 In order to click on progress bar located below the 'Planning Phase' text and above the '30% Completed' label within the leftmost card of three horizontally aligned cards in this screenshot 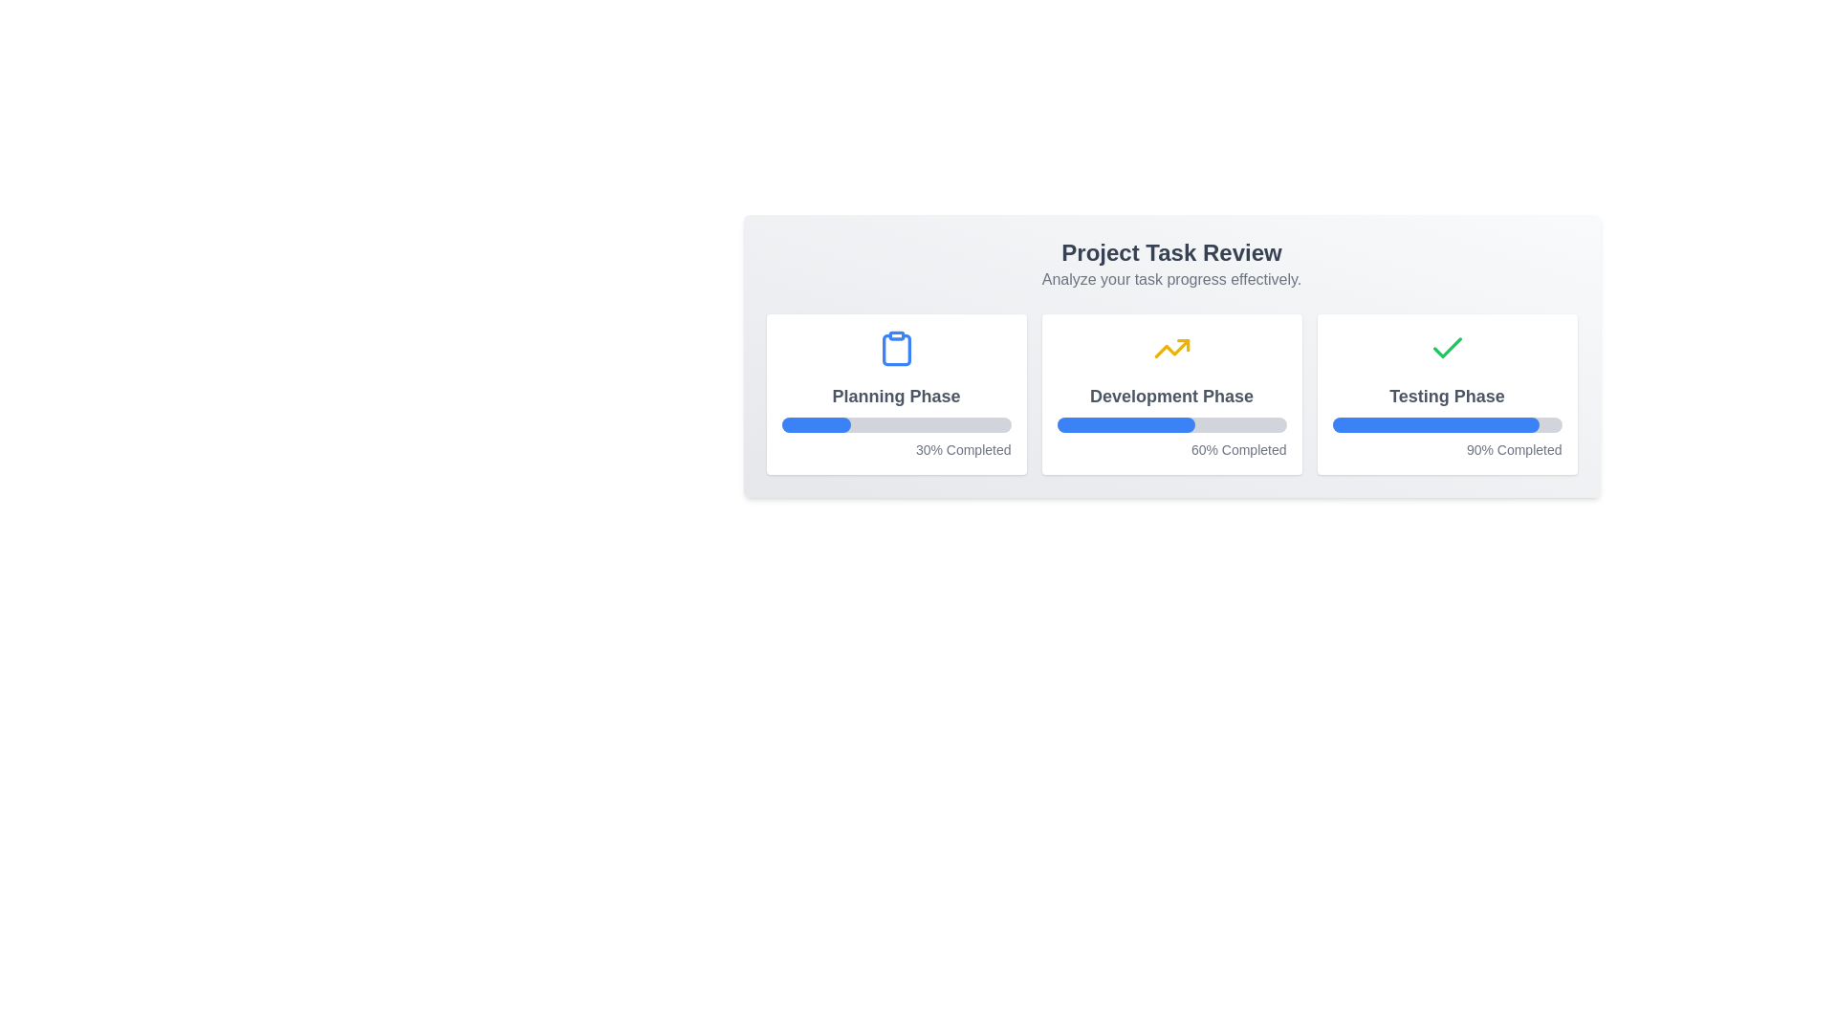, I will do `click(895, 423)`.